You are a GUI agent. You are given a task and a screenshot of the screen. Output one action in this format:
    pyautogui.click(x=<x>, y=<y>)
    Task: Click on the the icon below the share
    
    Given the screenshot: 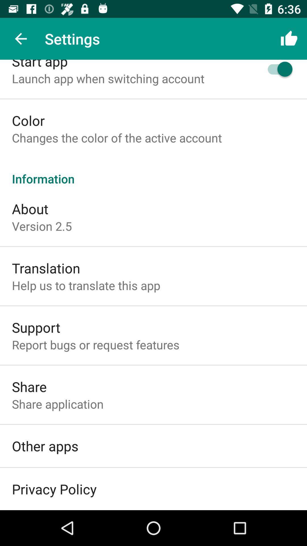 What is the action you would take?
    pyautogui.click(x=58, y=404)
    